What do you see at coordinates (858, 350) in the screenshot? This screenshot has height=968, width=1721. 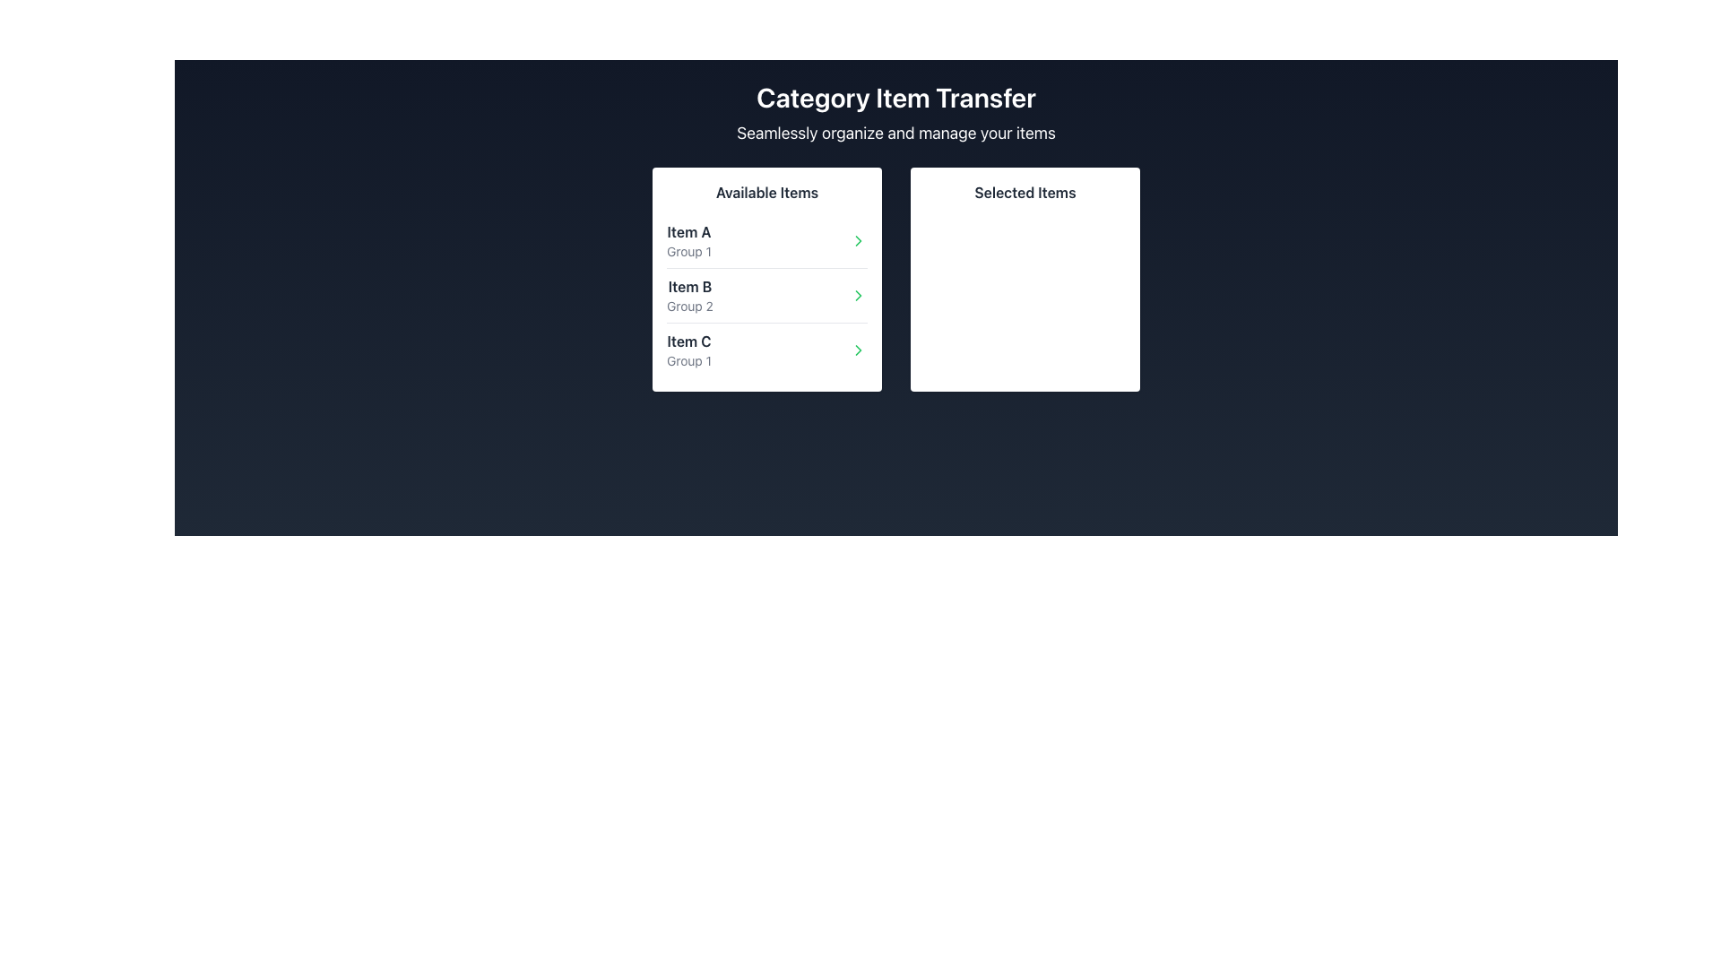 I see `the third arrow icon in the list under 'Available Items'` at bounding box center [858, 350].